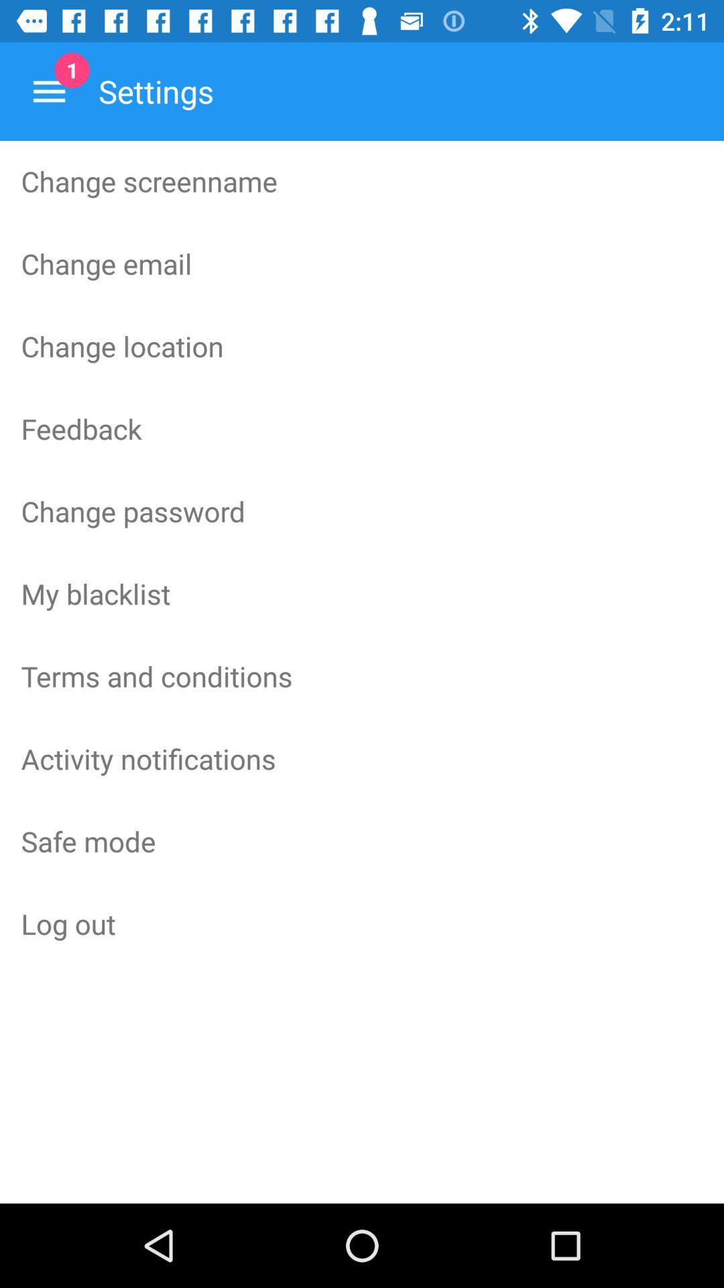 This screenshot has width=724, height=1288. Describe the element at coordinates (48, 91) in the screenshot. I see `the icon above the change screenname` at that location.